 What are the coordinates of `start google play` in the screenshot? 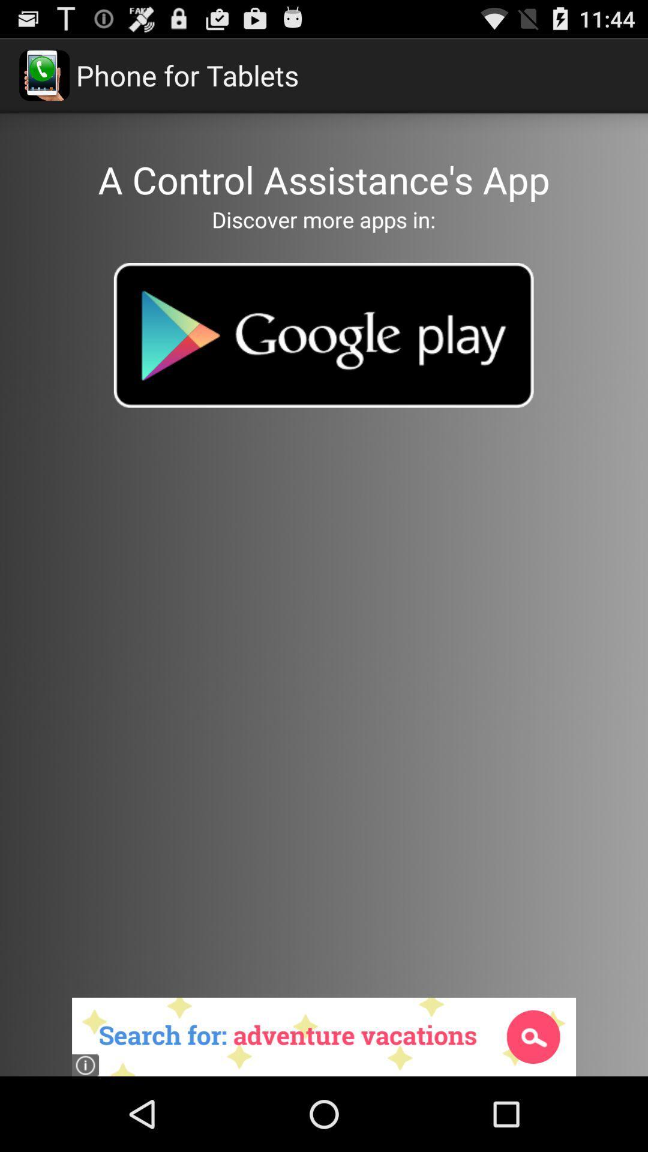 It's located at (323, 335).